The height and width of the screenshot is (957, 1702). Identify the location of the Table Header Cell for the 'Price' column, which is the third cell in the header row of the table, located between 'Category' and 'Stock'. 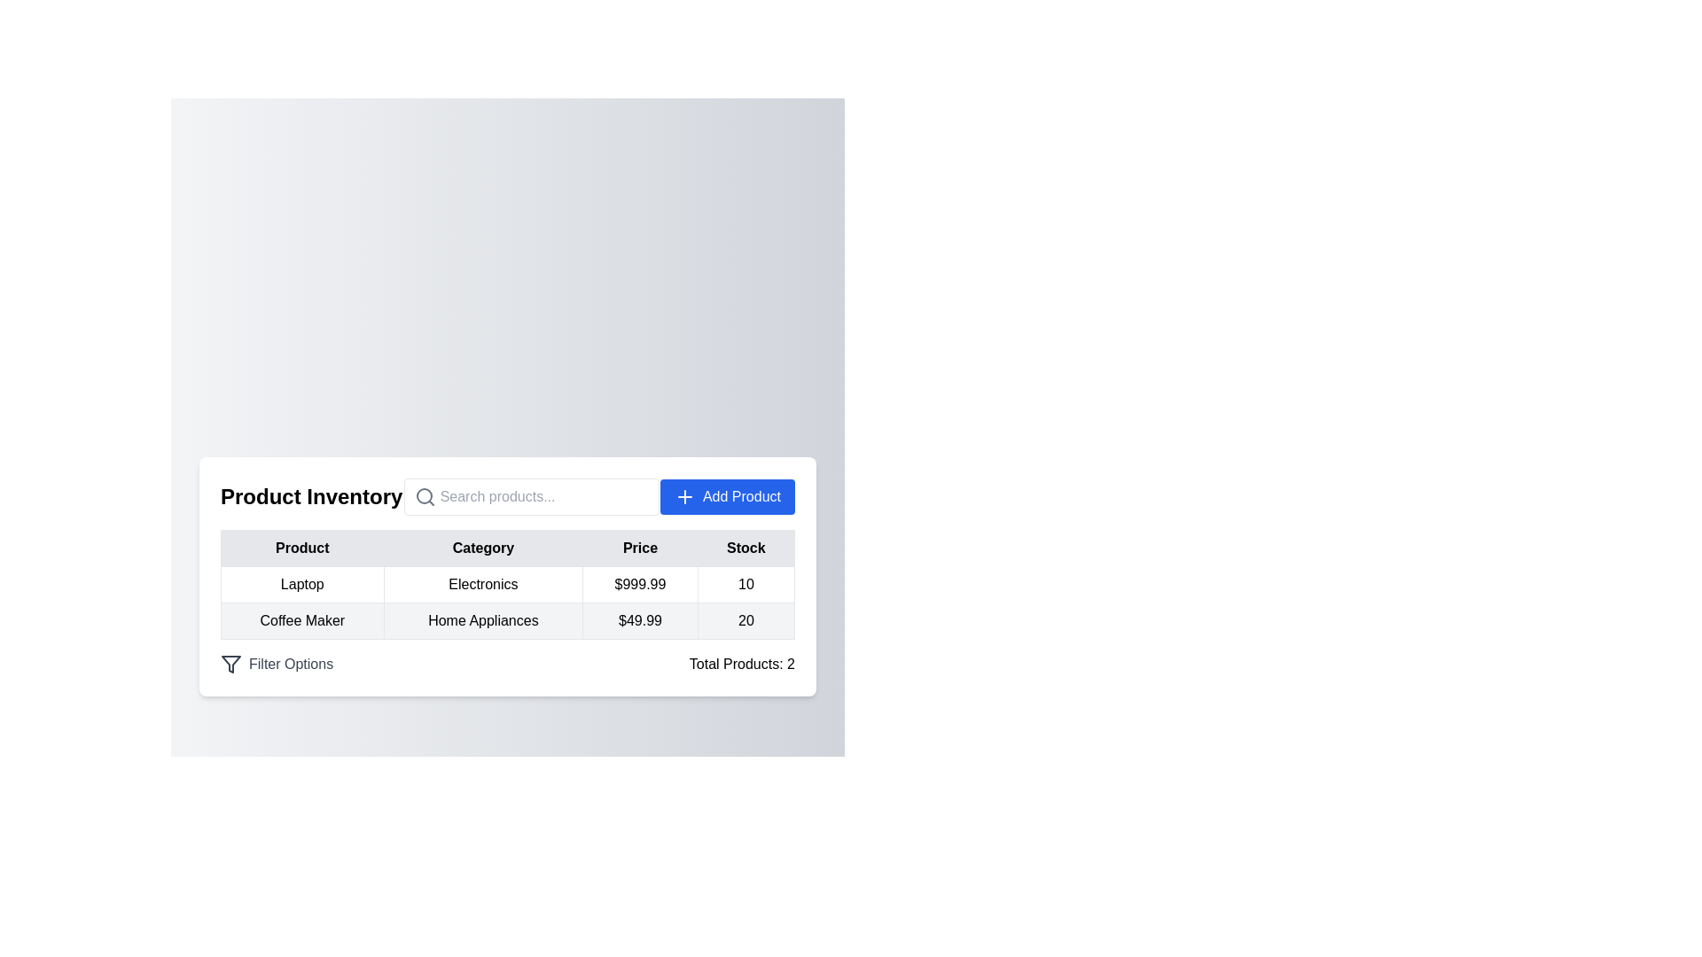
(639, 547).